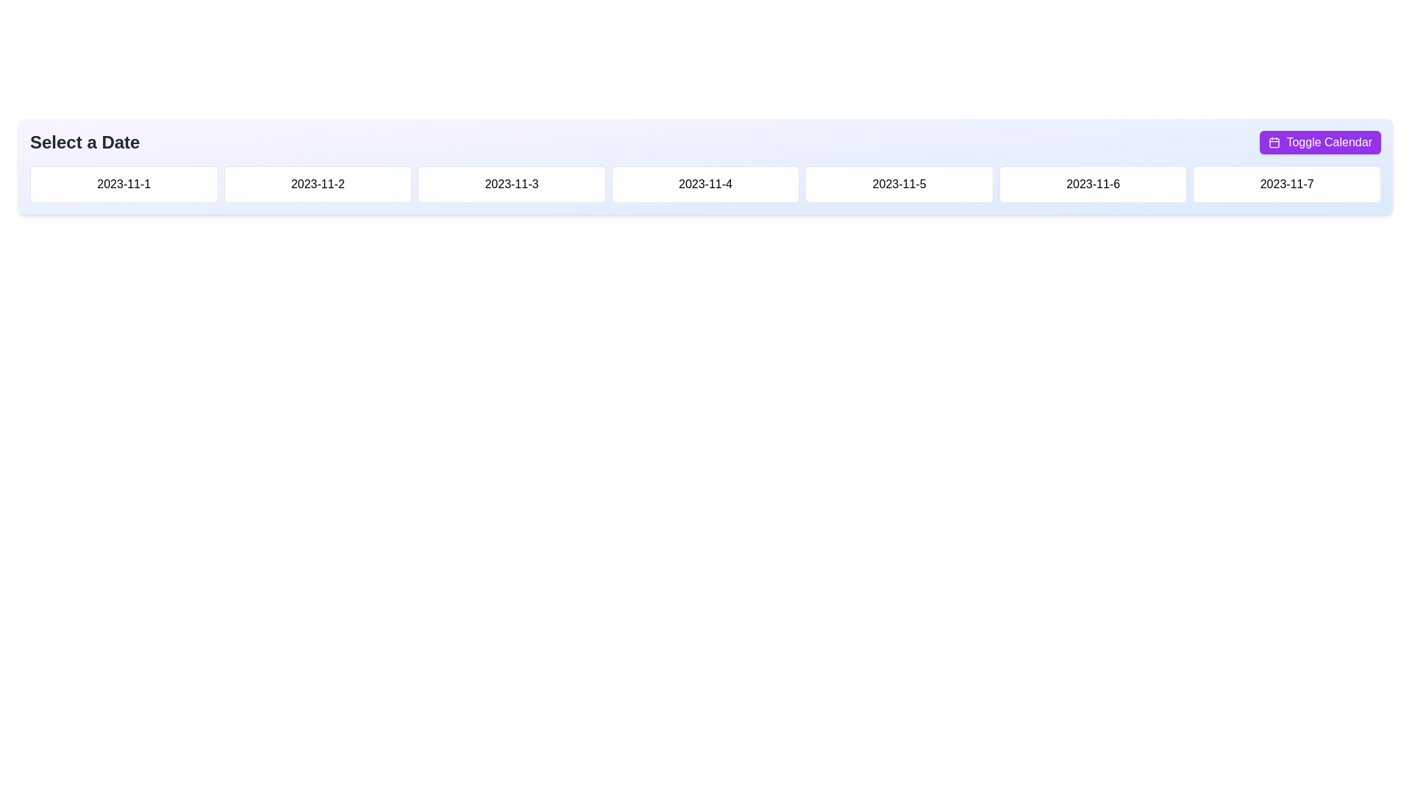 Image resolution: width=1412 pixels, height=794 pixels. Describe the element at coordinates (1320, 142) in the screenshot. I see `the 'Toggle Calendar' button with a purple background and a calendar icon` at that location.